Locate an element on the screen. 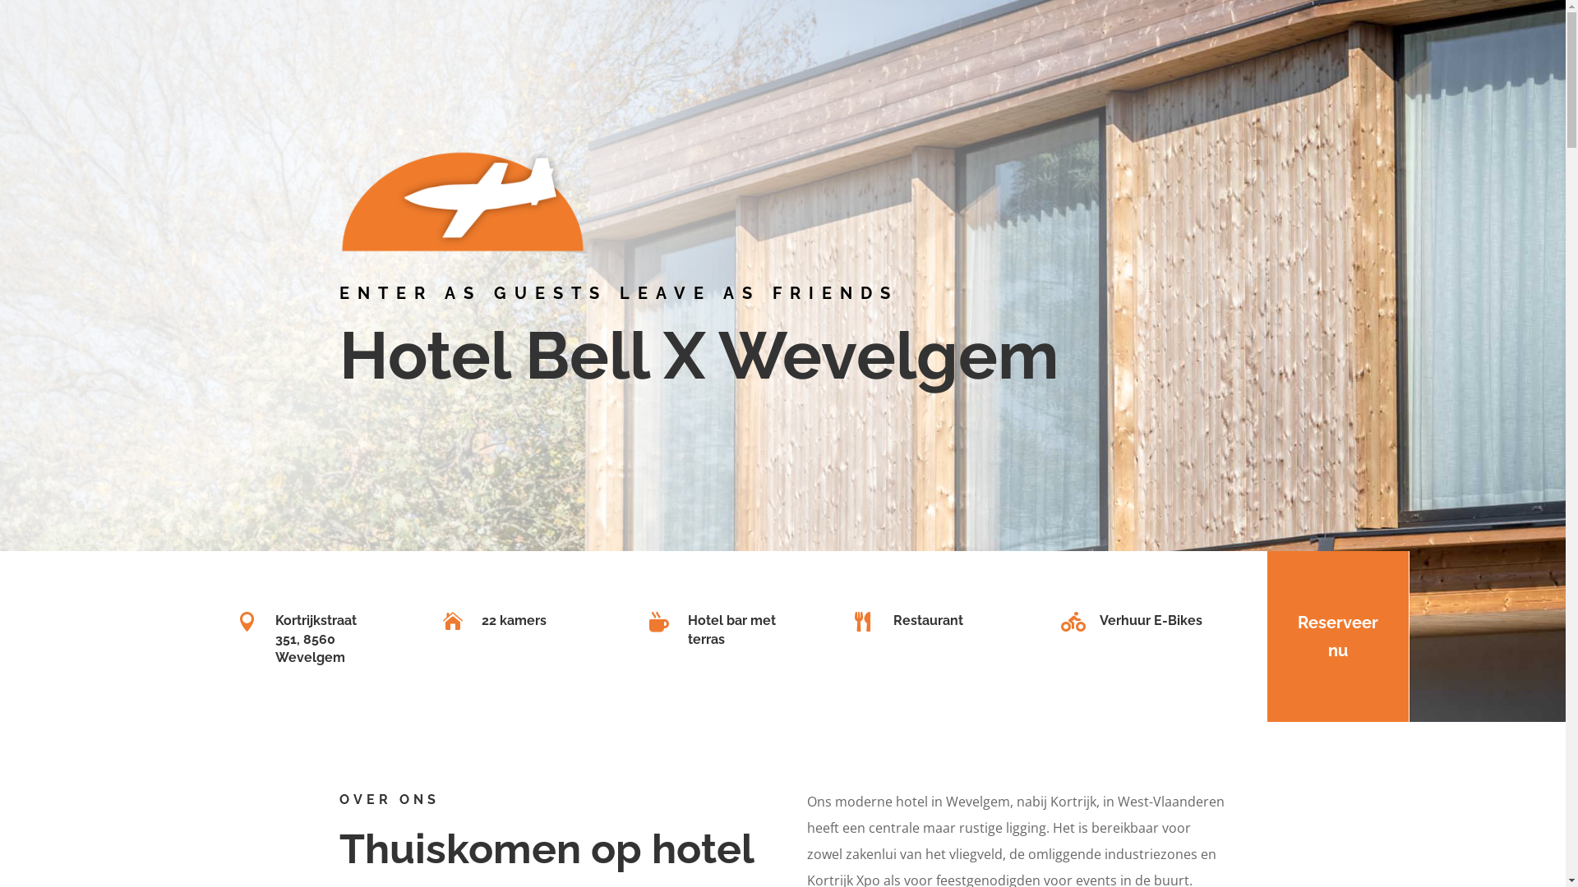 The image size is (1578, 887). 'BellXNoPadding' is located at coordinates (460, 200).